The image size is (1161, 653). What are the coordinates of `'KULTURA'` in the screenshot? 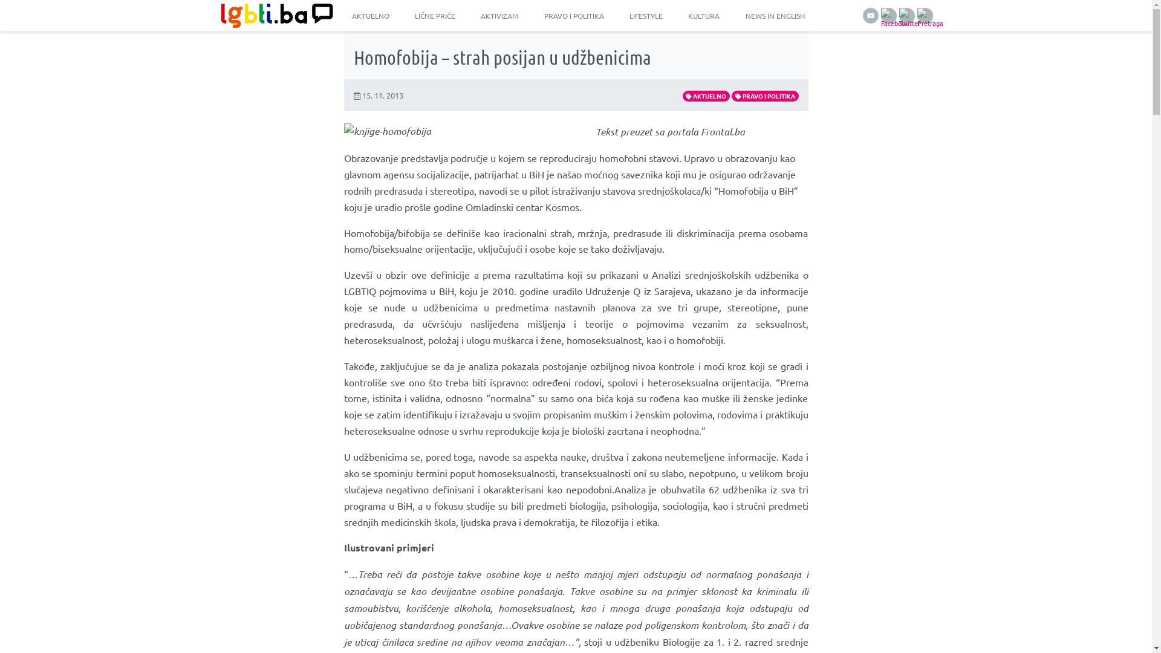 It's located at (703, 16).